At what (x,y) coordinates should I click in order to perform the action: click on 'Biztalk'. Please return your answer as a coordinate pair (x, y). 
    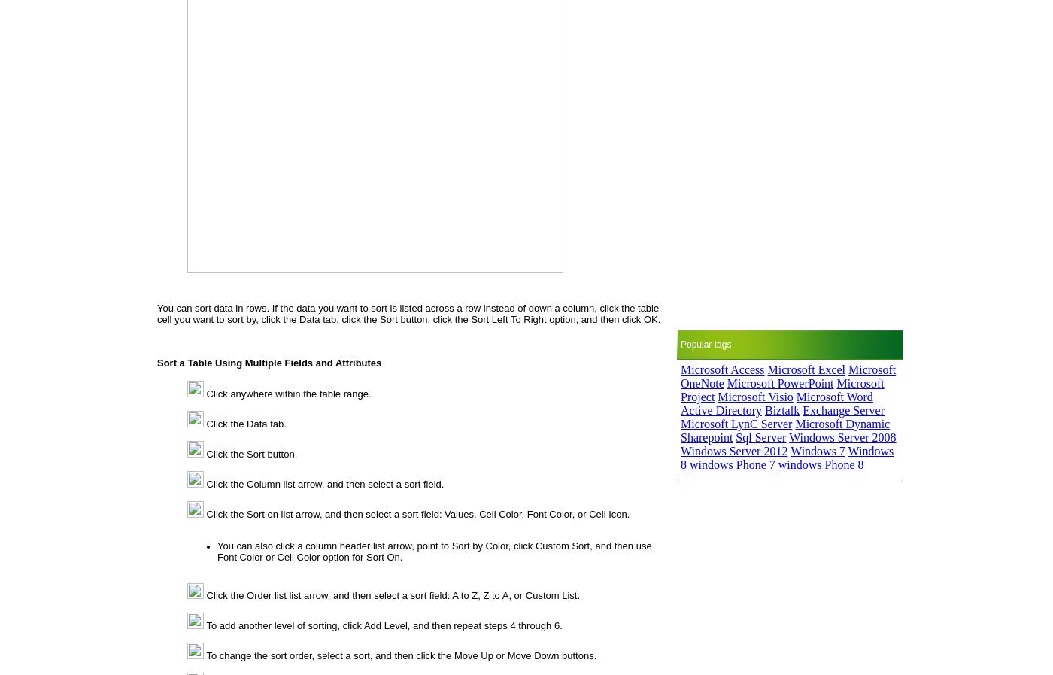
    Looking at the image, I should click on (781, 410).